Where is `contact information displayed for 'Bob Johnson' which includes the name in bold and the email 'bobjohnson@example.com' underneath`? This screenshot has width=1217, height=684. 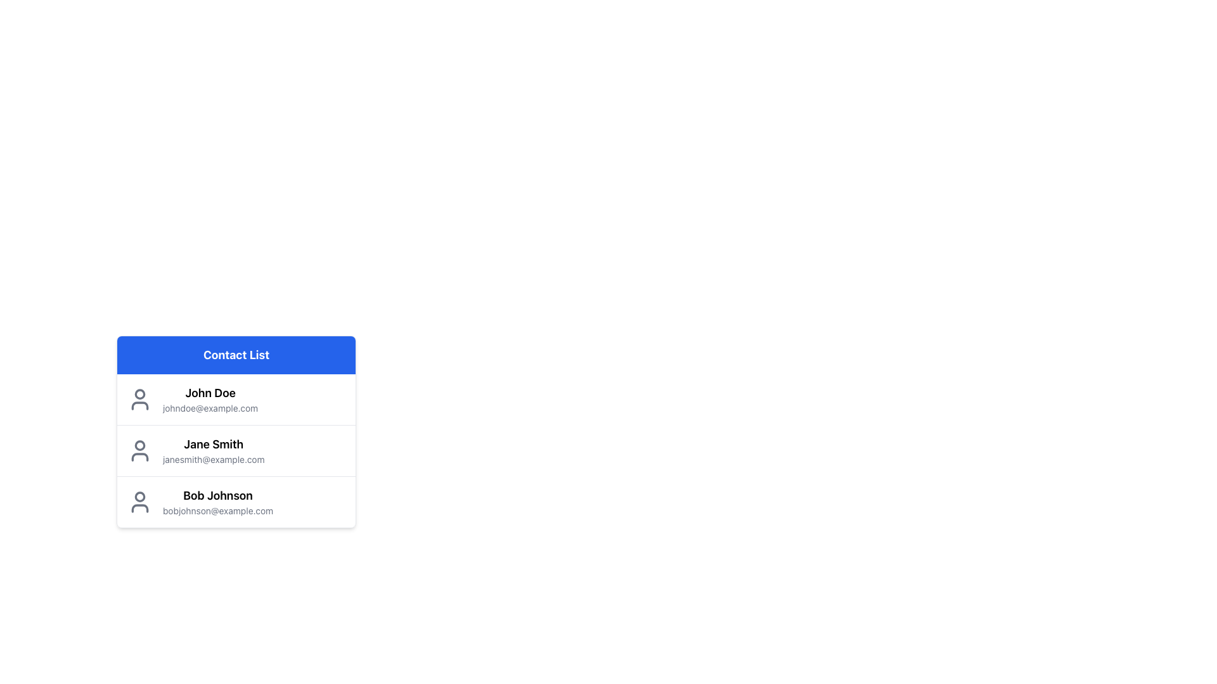 contact information displayed for 'Bob Johnson' which includes the name in bold and the email 'bobjohnson@example.com' underneath is located at coordinates (218, 502).